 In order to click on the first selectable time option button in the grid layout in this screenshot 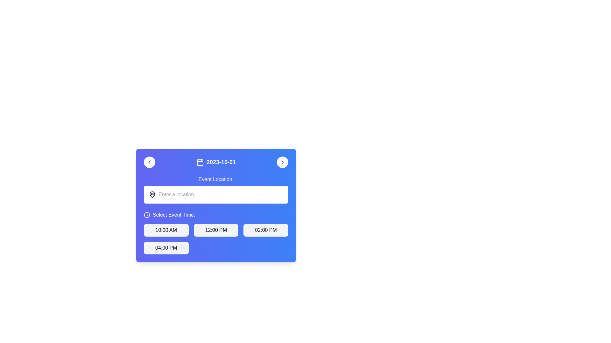, I will do `click(166, 230)`.